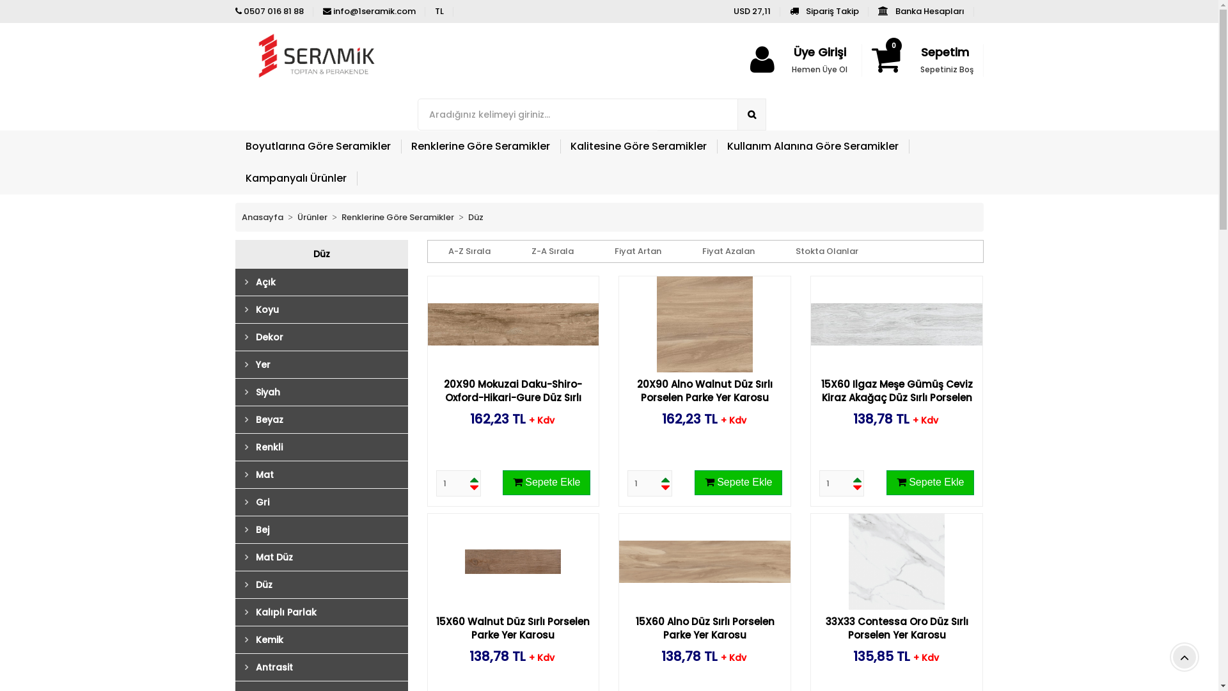 The image size is (1228, 691). What do you see at coordinates (330, 639) in the screenshot?
I see `'Kemik'` at bounding box center [330, 639].